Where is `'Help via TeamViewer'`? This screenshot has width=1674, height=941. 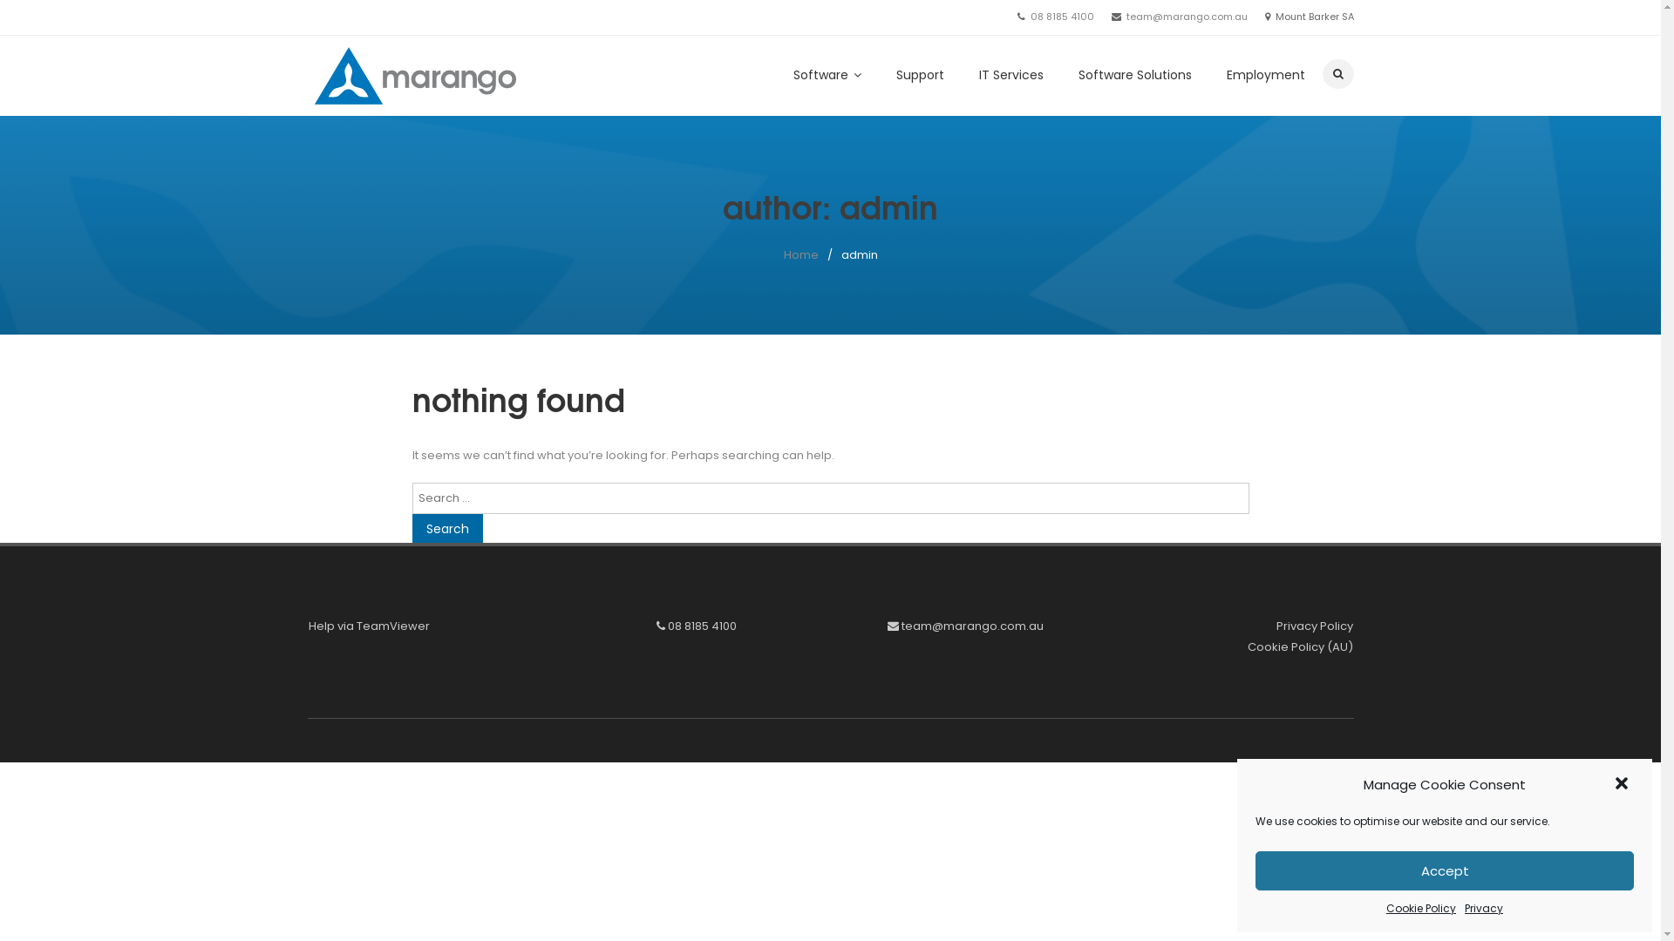 'Help via TeamViewer' is located at coordinates (309, 625).